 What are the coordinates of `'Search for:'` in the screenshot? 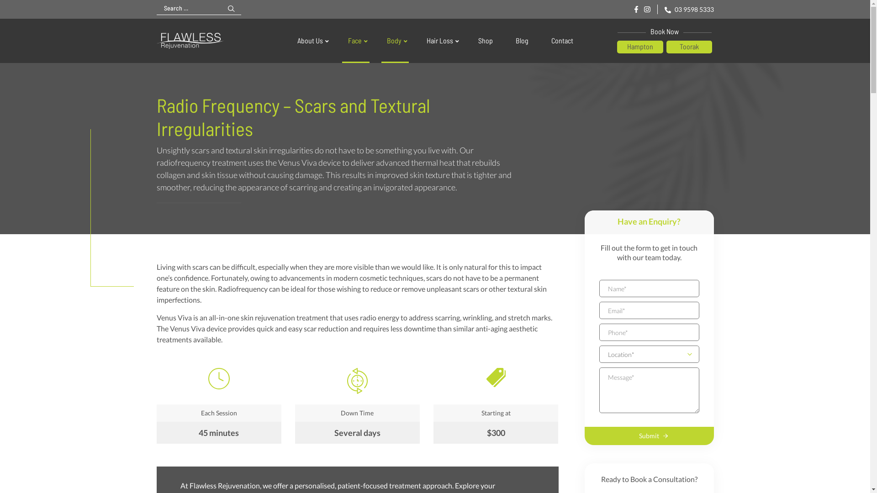 It's located at (189, 8).